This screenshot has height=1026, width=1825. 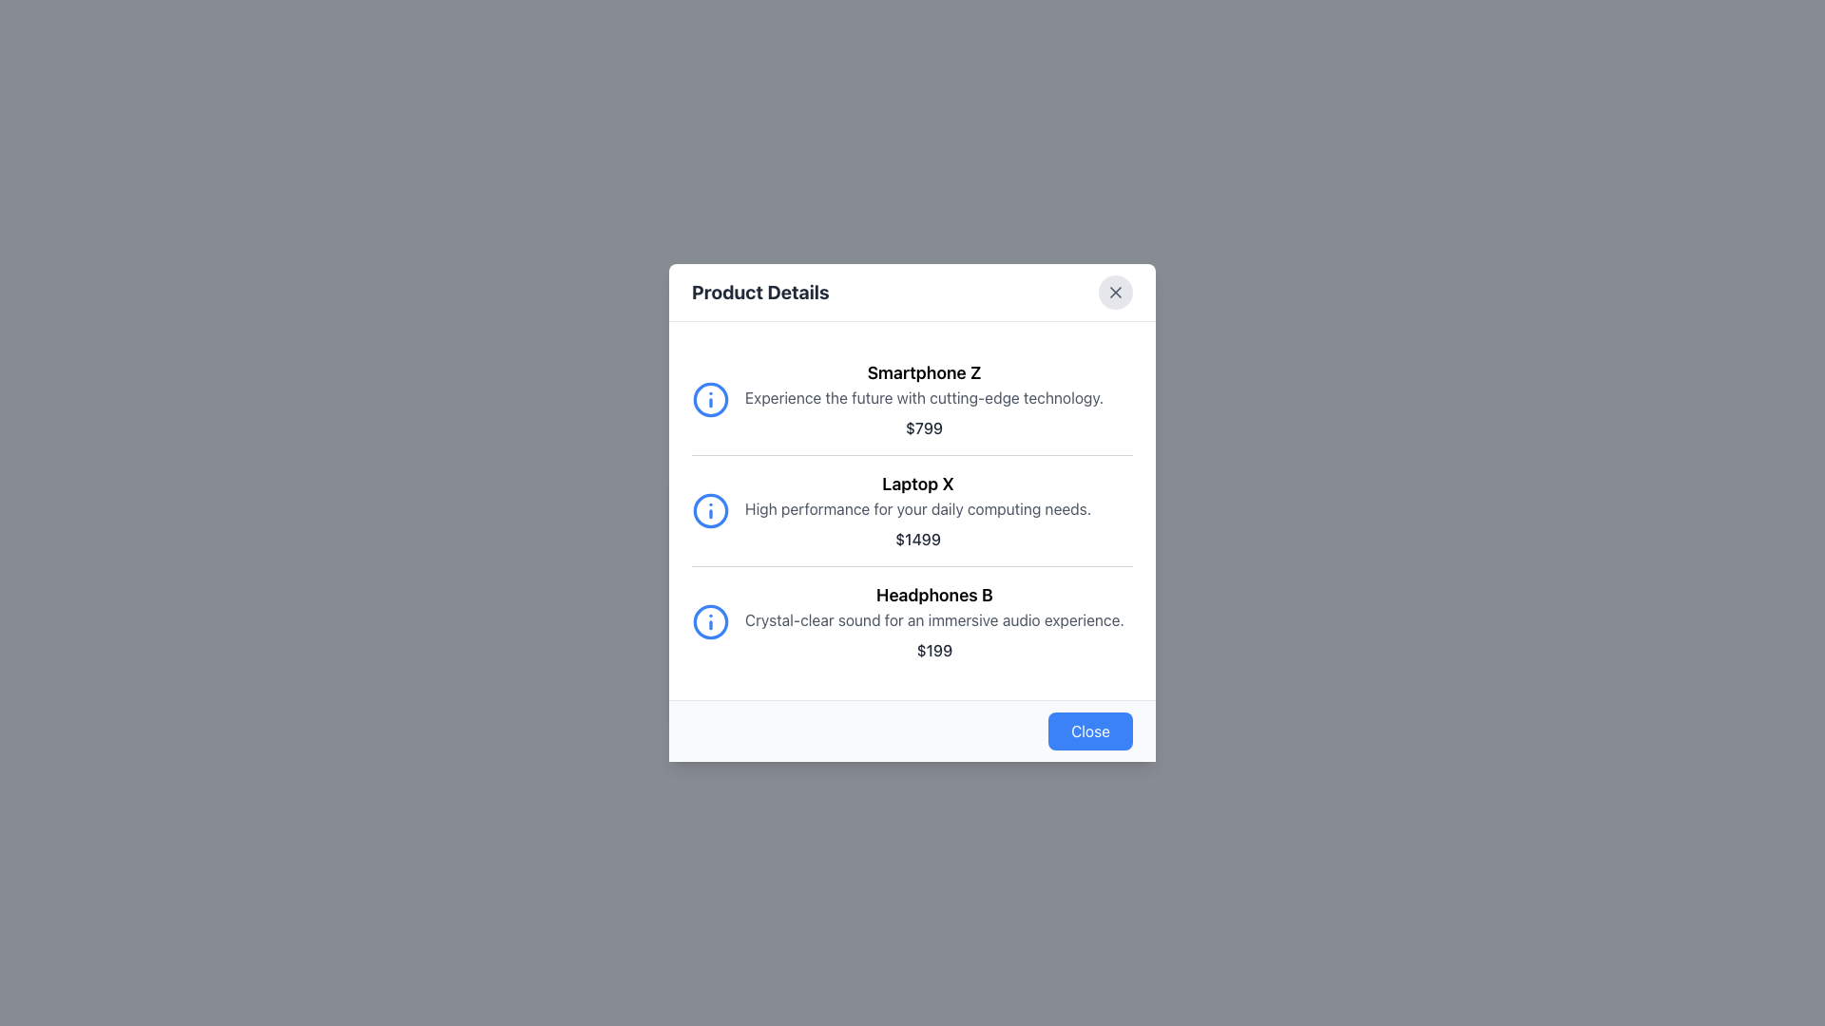 What do you see at coordinates (918, 508) in the screenshot?
I see `the text element that describes the product 'Laptop X', which is centrally located under the heading 'Laptop X' and above the price '$1499'` at bounding box center [918, 508].